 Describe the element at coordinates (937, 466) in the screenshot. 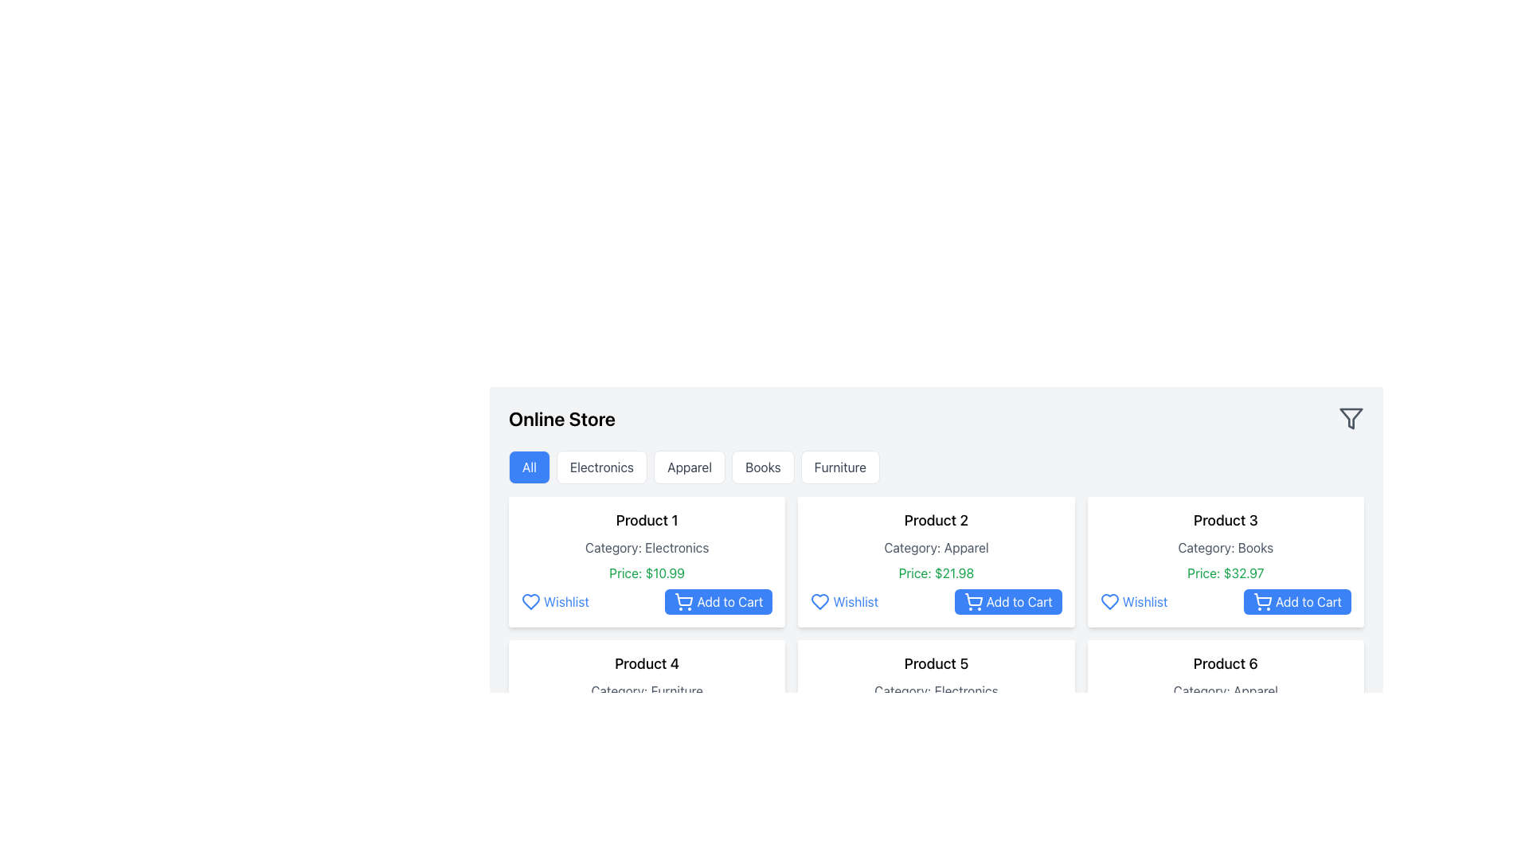

I see `the 'All' button in the Navigation menu located below the title 'Online Store' by moving the cursor to its center point` at that location.